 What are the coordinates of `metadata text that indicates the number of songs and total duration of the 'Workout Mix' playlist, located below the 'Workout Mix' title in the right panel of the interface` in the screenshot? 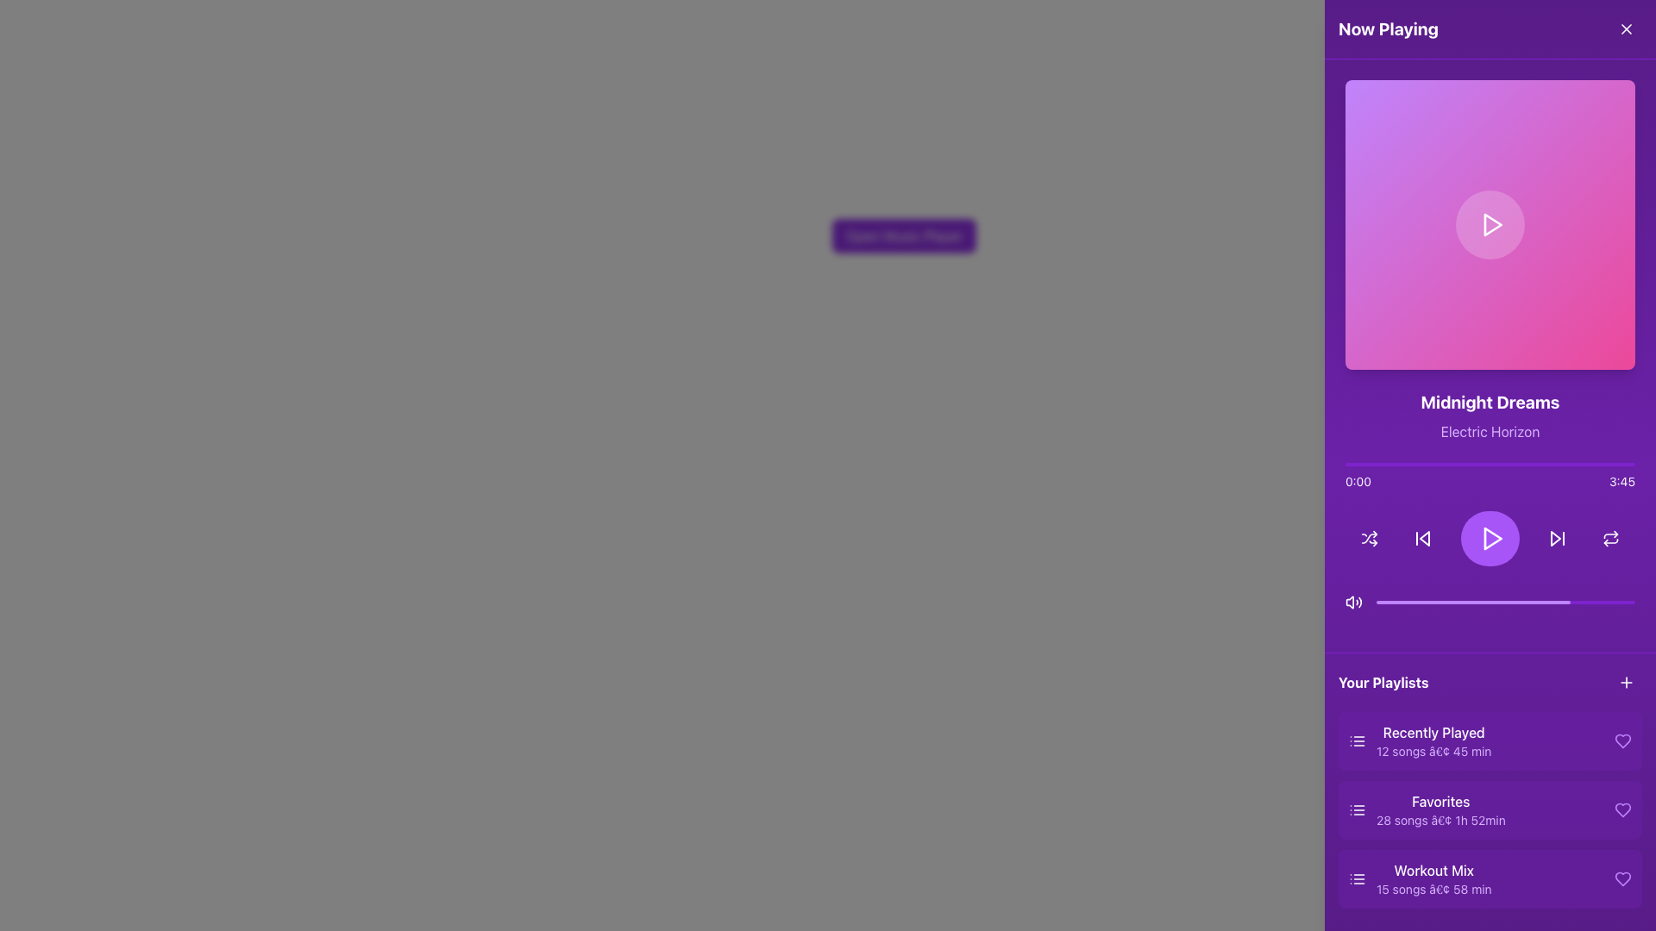 It's located at (1433, 890).